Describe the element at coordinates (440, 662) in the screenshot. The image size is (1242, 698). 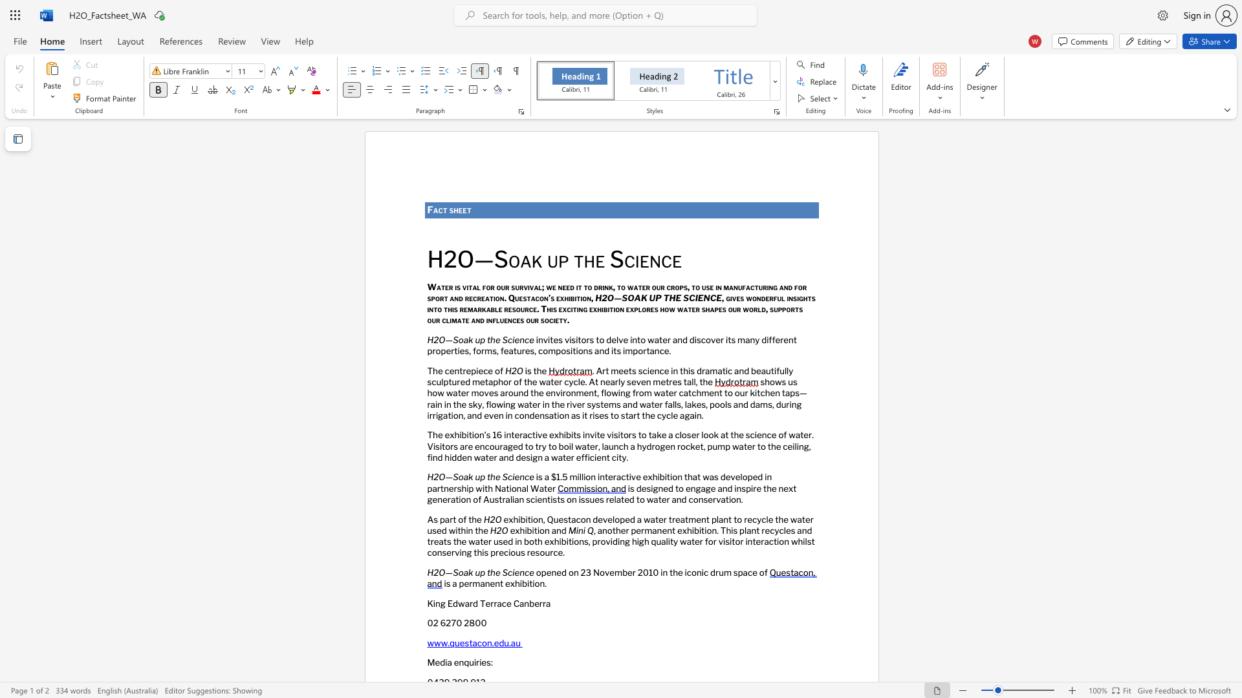
I see `the subset text "dia e" within the text "Media enquiries:"` at that location.